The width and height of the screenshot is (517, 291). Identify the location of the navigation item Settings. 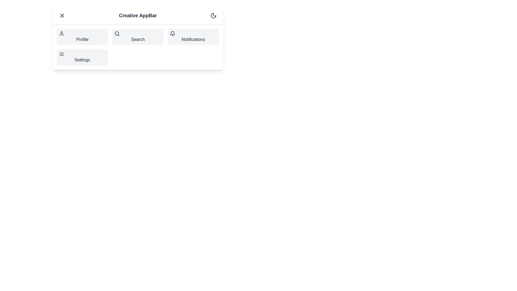
(82, 57).